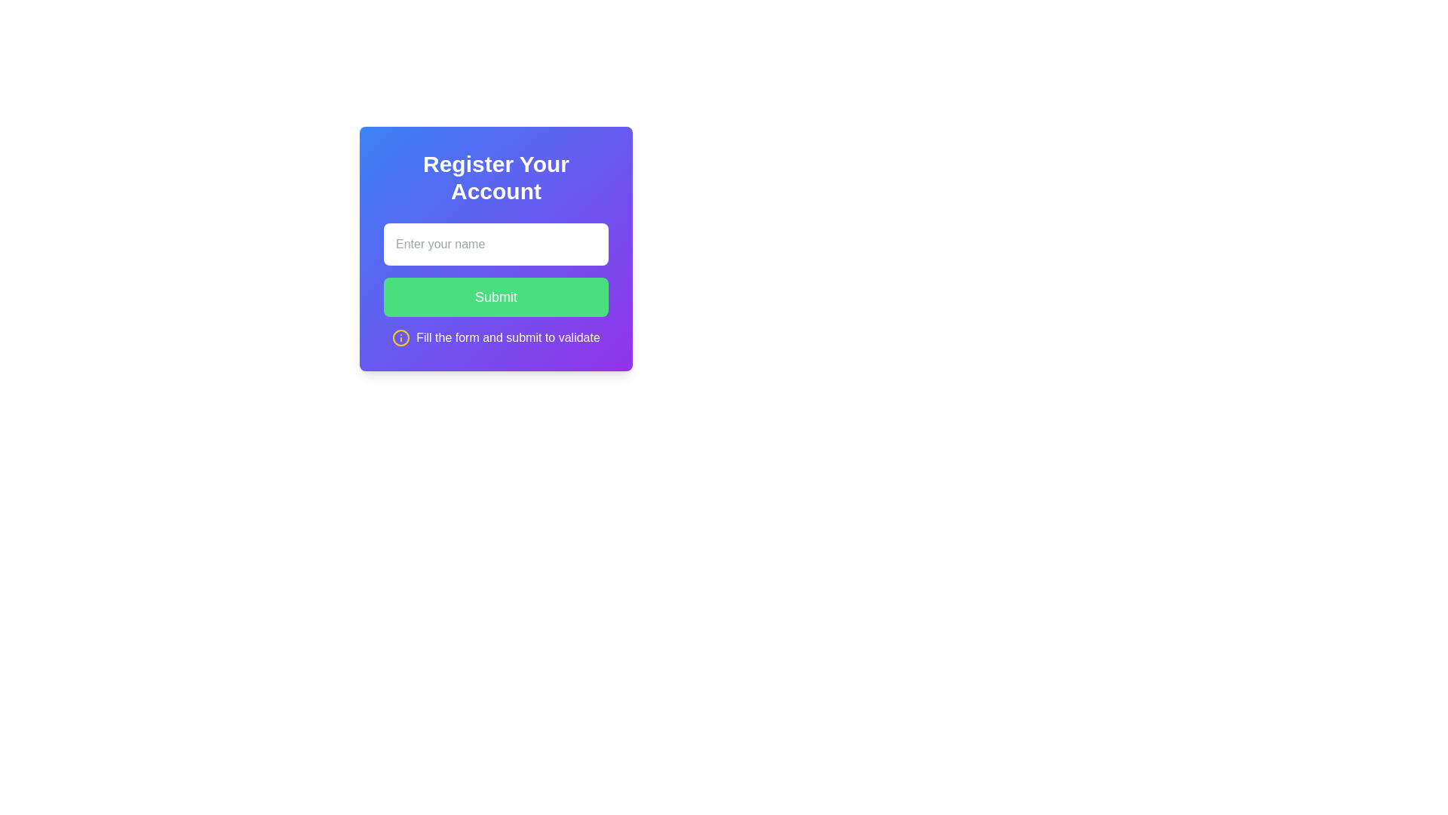 The width and height of the screenshot is (1448, 815). I want to click on the Informational Icon with a dashed yellow border and yellow fill, located to the left of the text 'Fill the form and submit to validate', for accessibility purposes, so click(401, 337).